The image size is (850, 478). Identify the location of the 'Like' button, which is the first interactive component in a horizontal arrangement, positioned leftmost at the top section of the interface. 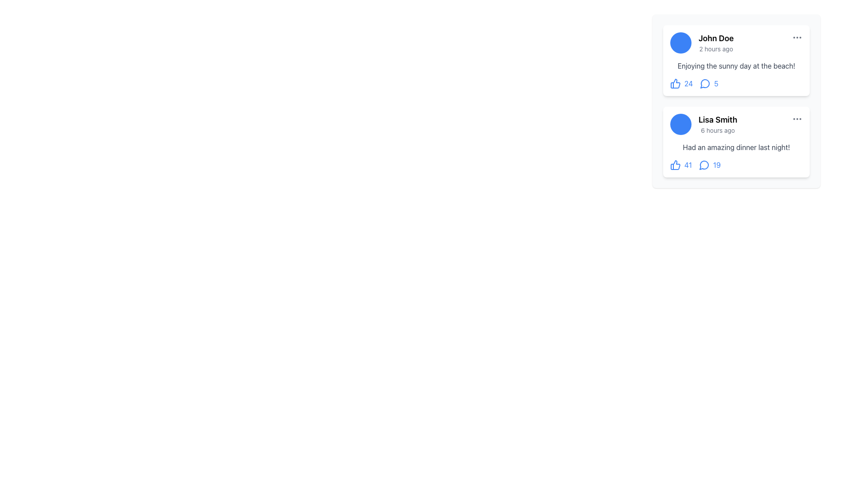
(681, 84).